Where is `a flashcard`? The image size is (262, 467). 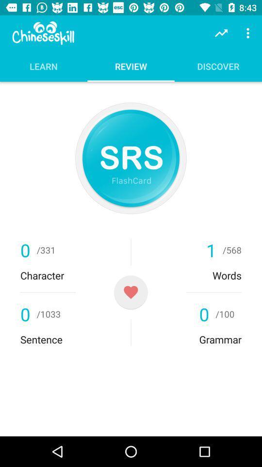
a flashcard is located at coordinates (131, 292).